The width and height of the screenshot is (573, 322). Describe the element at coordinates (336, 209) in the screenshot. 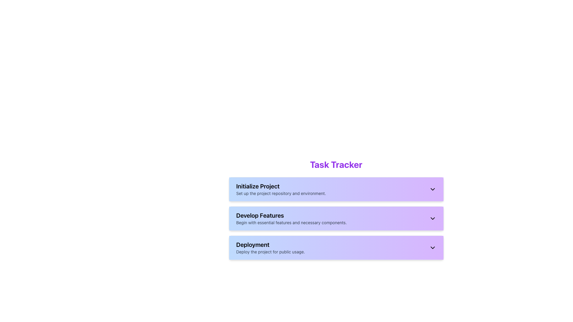

I see `the 'Develop Features' collapsible panel` at that location.